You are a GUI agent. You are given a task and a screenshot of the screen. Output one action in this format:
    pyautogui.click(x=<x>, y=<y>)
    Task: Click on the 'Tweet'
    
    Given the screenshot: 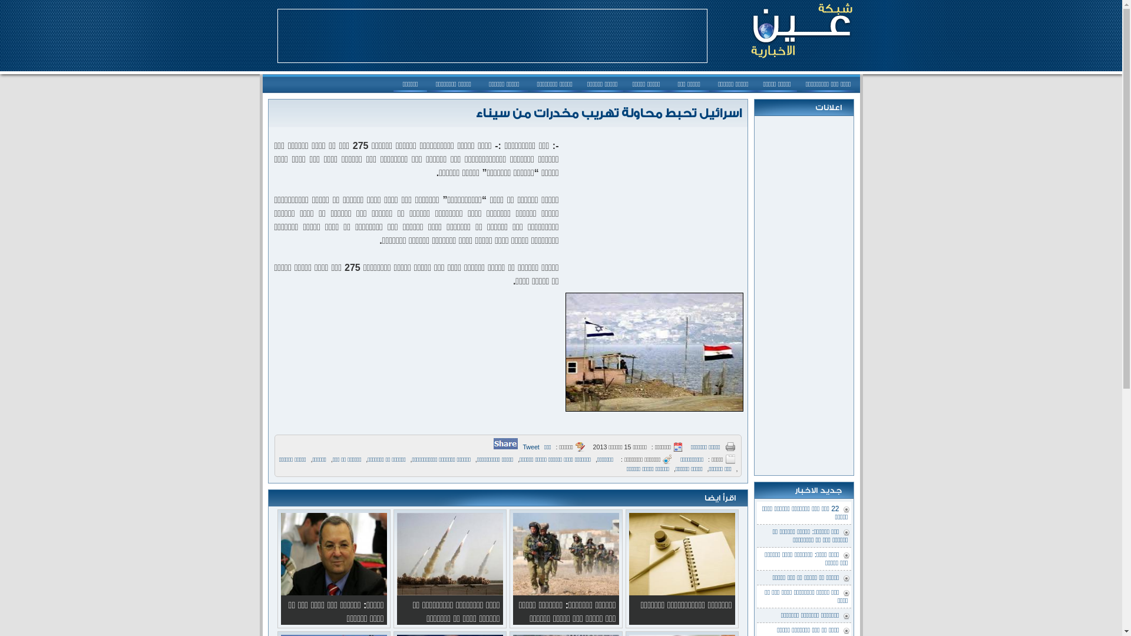 What is the action you would take?
    pyautogui.click(x=530, y=447)
    